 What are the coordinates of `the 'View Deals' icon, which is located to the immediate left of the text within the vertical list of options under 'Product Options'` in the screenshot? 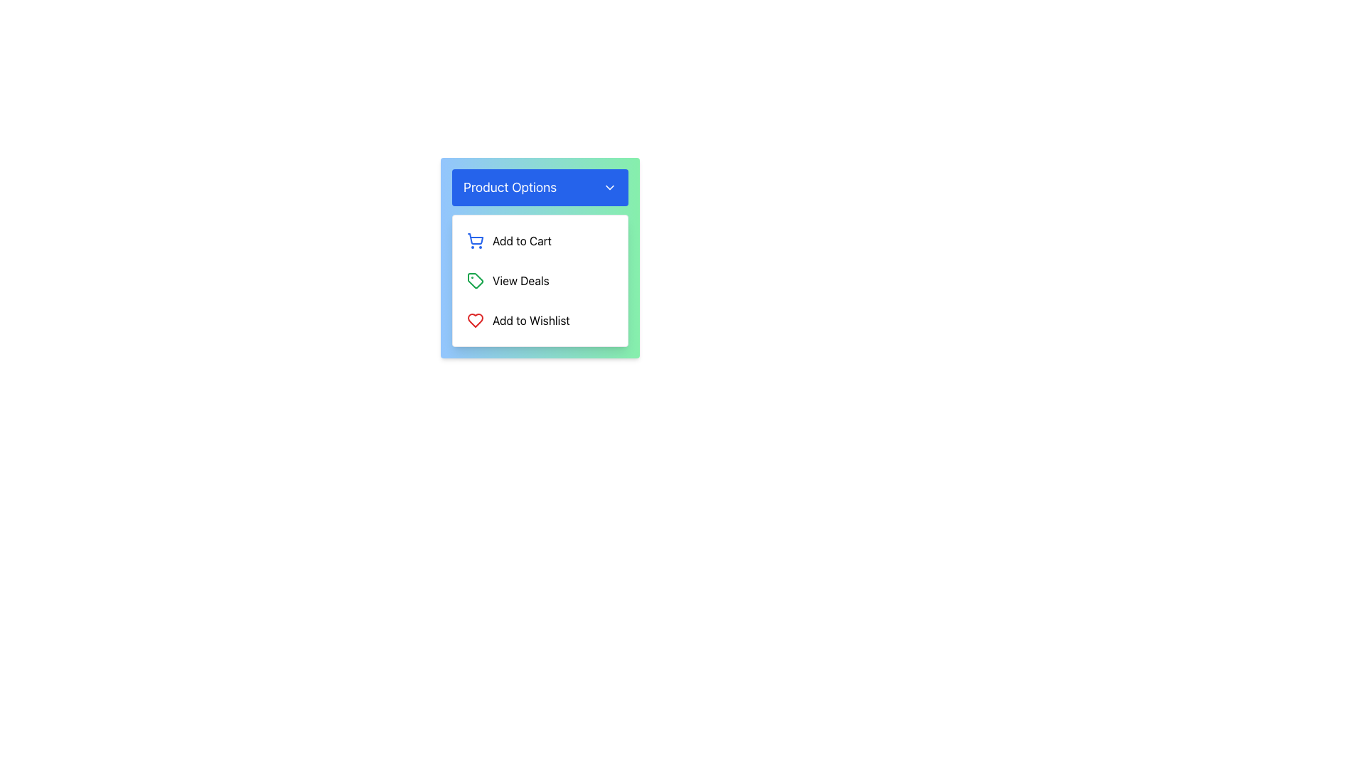 It's located at (475, 280).